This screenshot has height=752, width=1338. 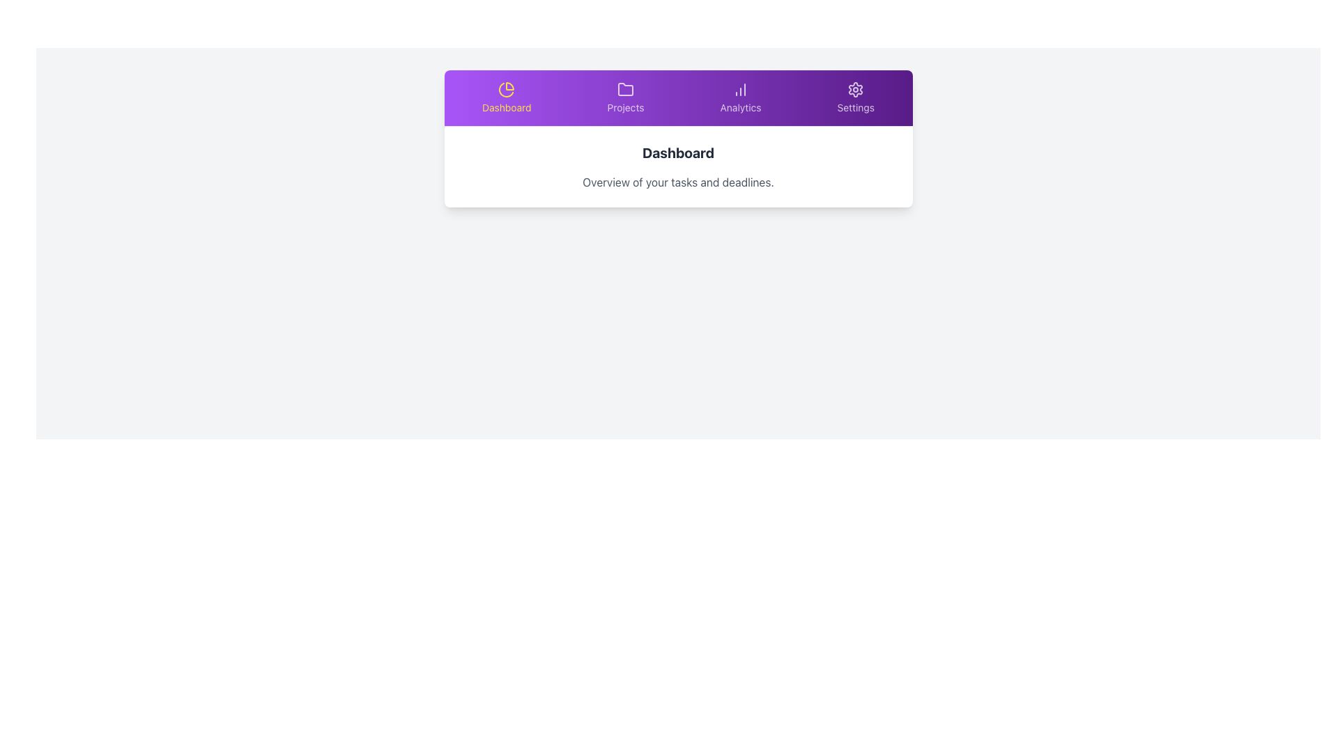 What do you see at coordinates (505, 90) in the screenshot?
I see `the decorative vector graphic resembling a partial pie chart segment located under the 'Dashboard' label in the top navigation section of the interface` at bounding box center [505, 90].